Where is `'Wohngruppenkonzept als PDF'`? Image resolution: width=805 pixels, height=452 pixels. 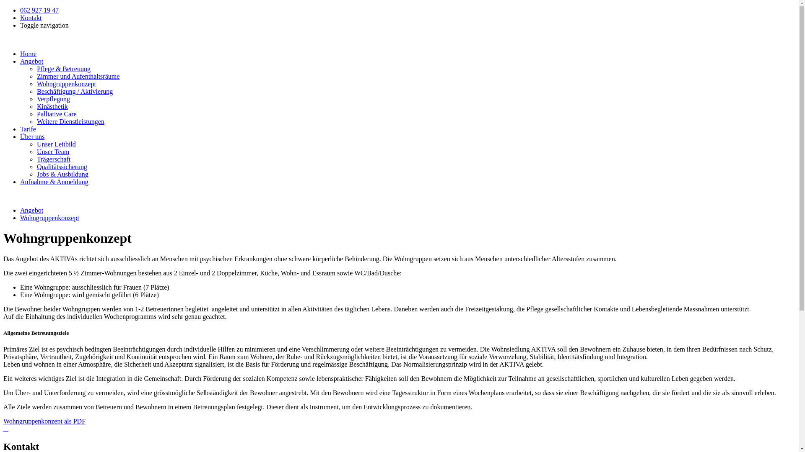 'Wohngruppenkonzept als PDF' is located at coordinates (44, 421).